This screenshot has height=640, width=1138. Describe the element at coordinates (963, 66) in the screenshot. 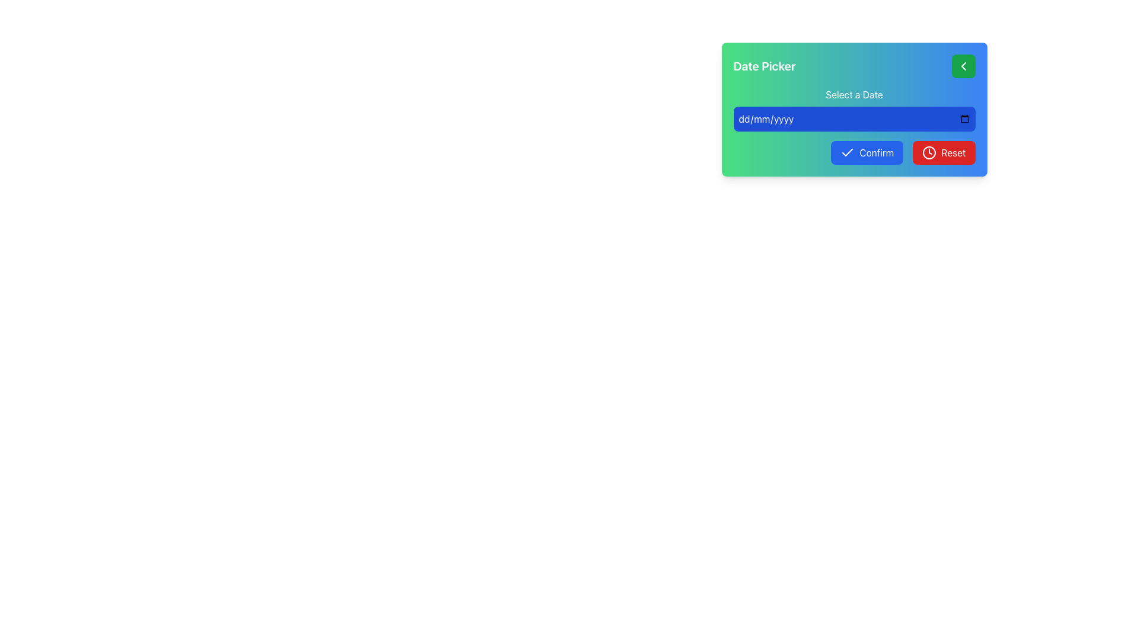

I see `the leftward chevron arrow SVG icon with a green circular background located in the top-right corner of the card UI` at that location.